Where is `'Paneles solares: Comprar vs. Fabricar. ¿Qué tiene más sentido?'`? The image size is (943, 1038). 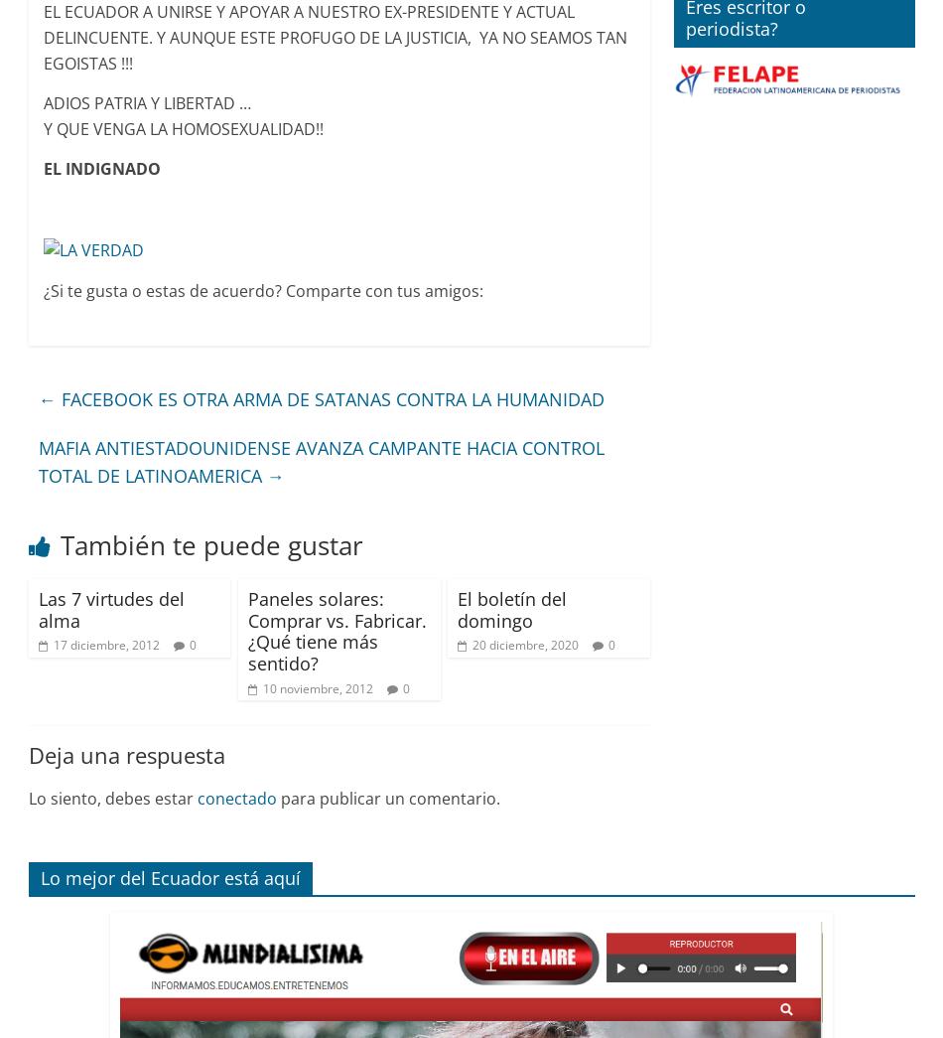 'Paneles solares: Comprar vs. Fabricar. ¿Qué tiene más sentido?' is located at coordinates (245, 630).